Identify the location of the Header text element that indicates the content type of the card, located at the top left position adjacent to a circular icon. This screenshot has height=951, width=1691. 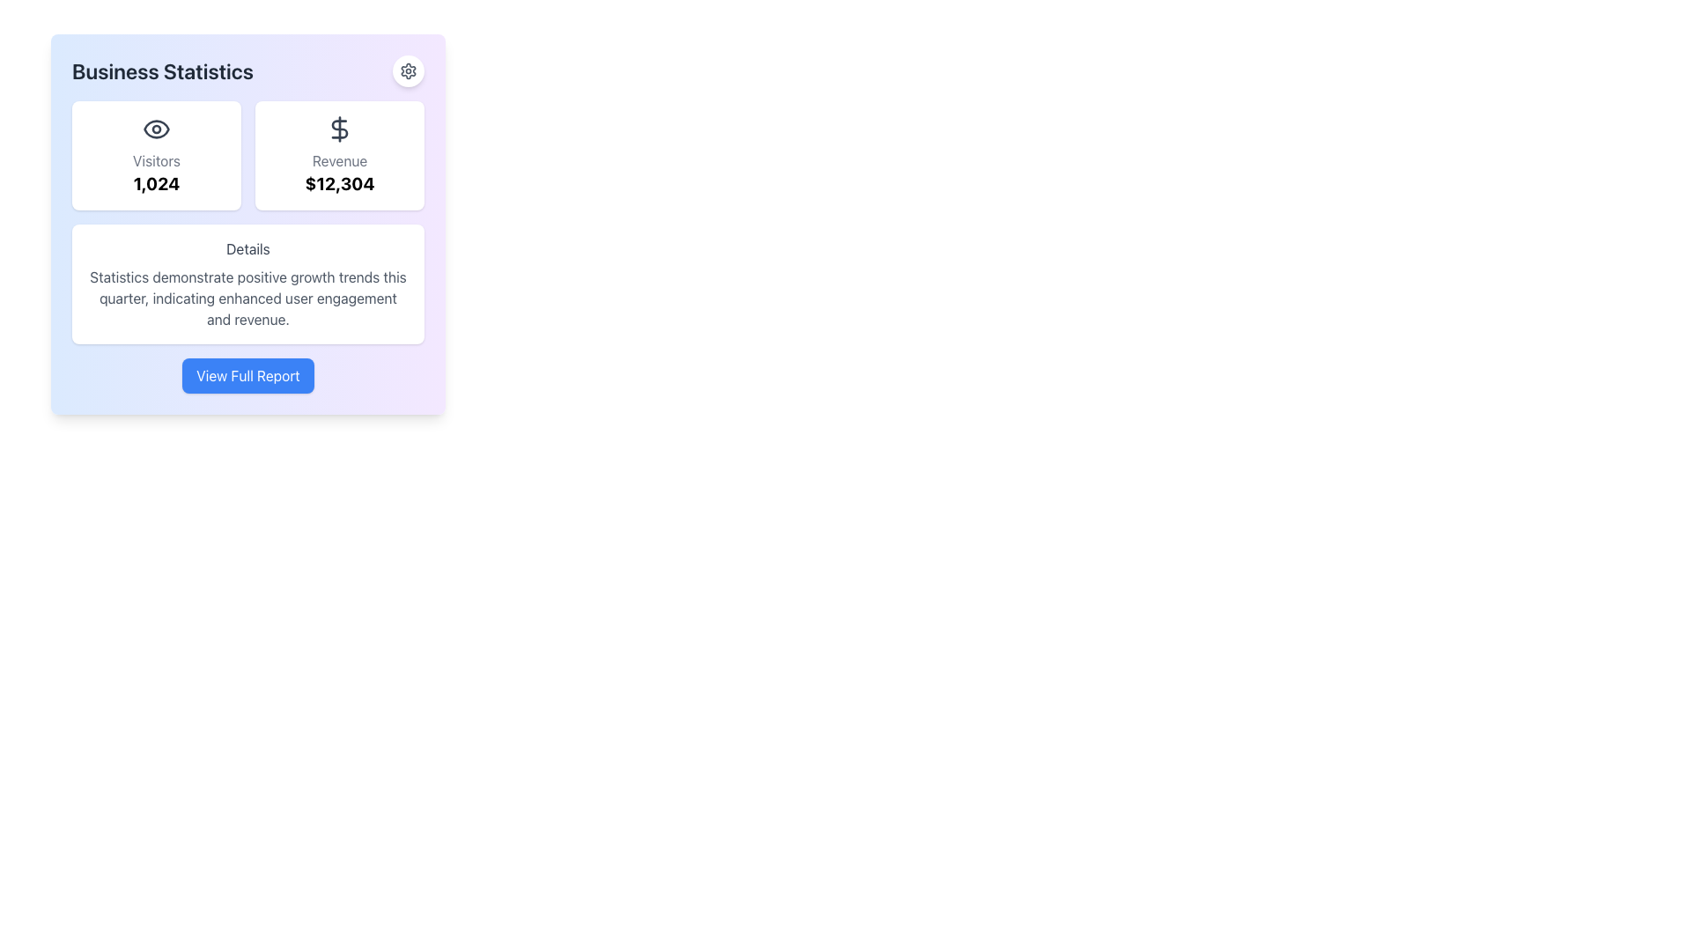
(247, 70).